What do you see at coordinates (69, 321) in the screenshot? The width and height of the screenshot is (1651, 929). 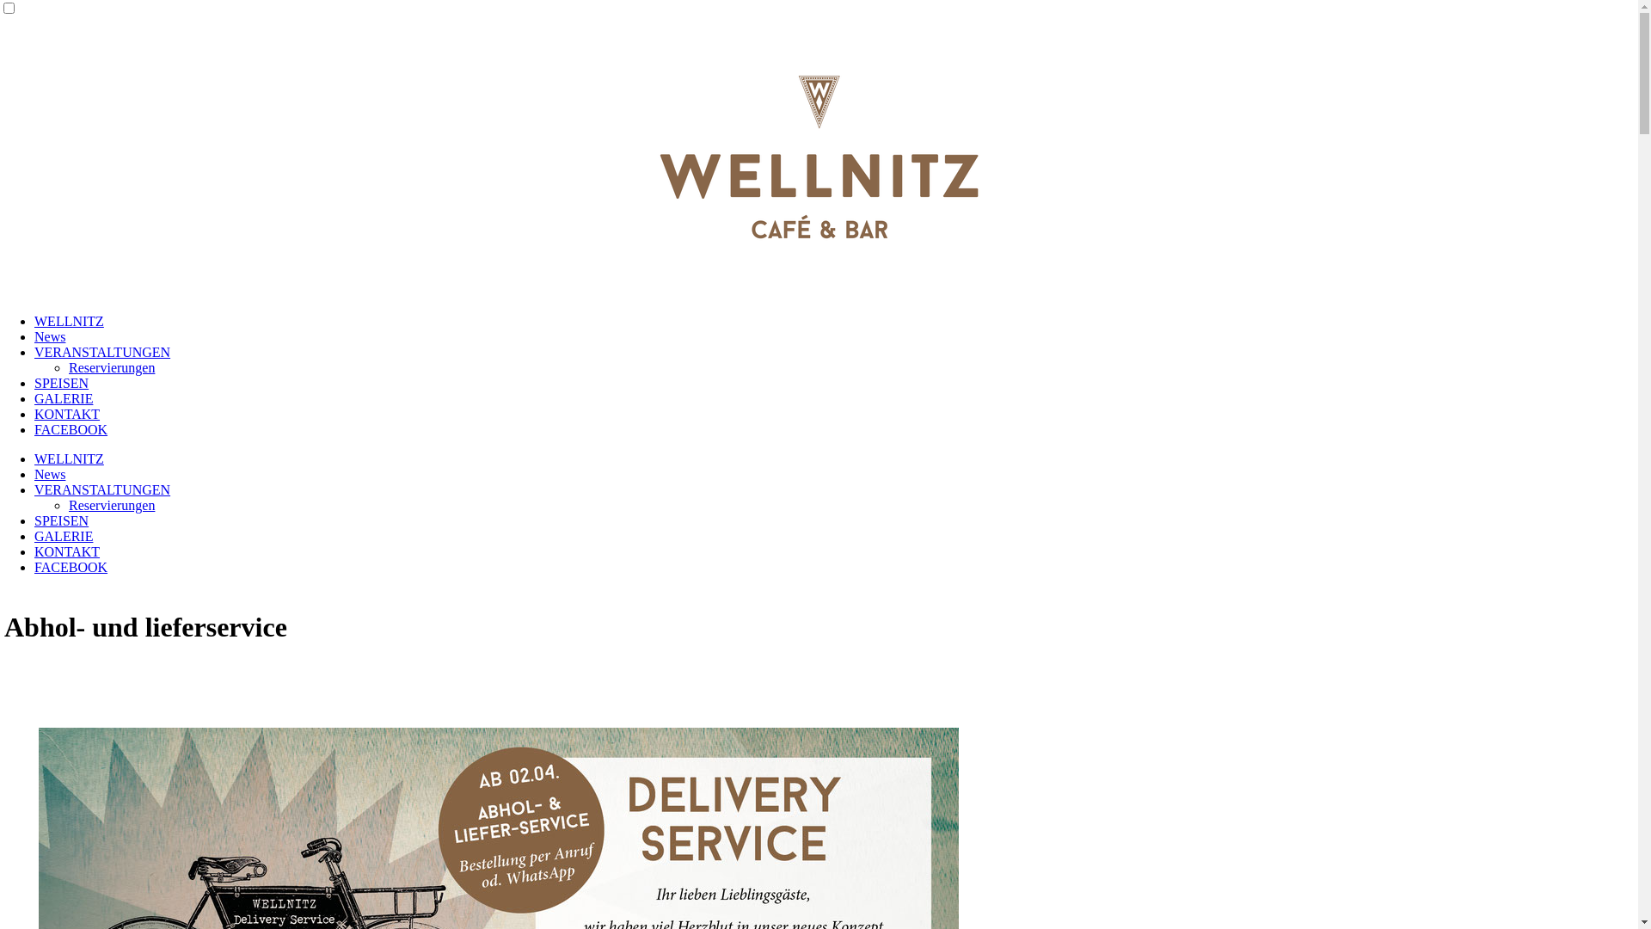 I see `'WELLNITZ'` at bounding box center [69, 321].